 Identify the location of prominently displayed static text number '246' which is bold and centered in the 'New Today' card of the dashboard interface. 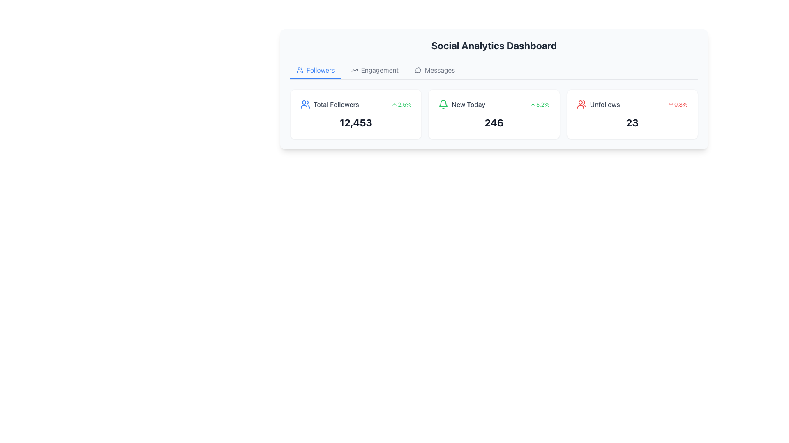
(494, 123).